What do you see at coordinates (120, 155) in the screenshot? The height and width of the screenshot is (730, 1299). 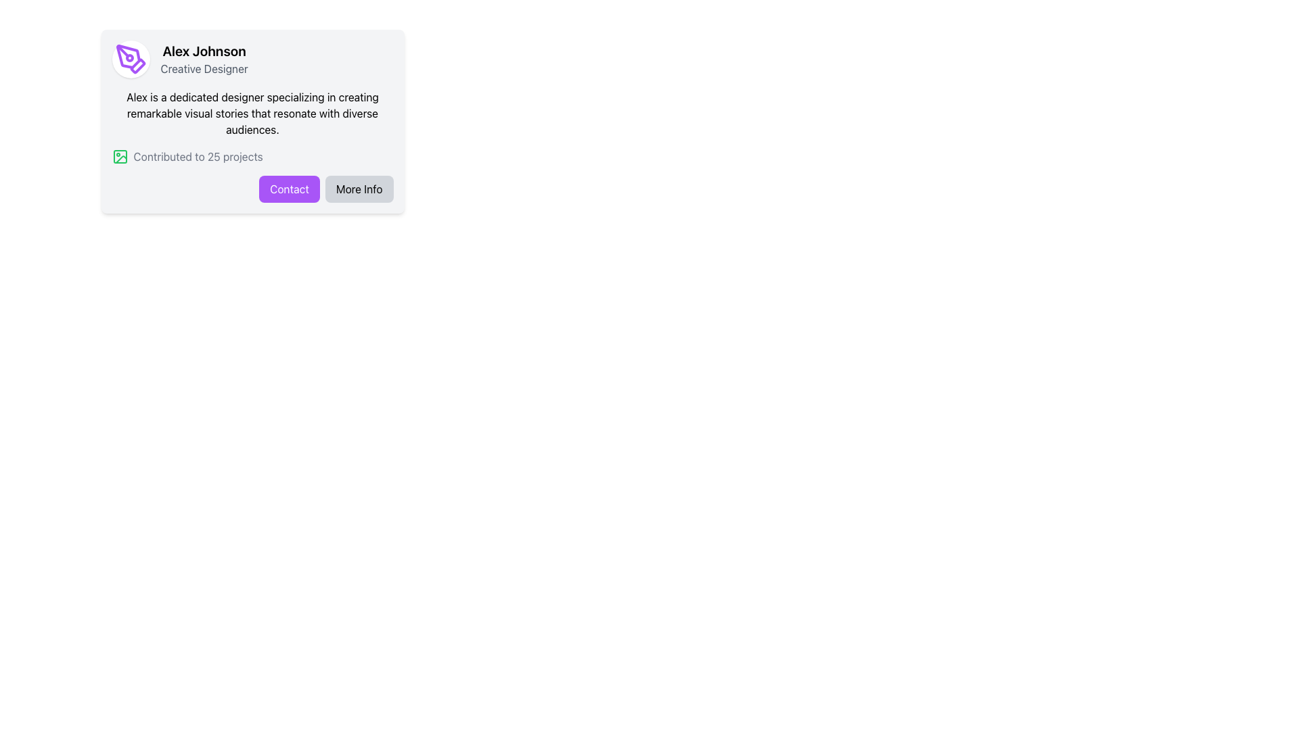 I see `the SVG rectangular shape with rounded corners, styled in green, located in the top-left corner of the profile card above the contributions text` at bounding box center [120, 155].